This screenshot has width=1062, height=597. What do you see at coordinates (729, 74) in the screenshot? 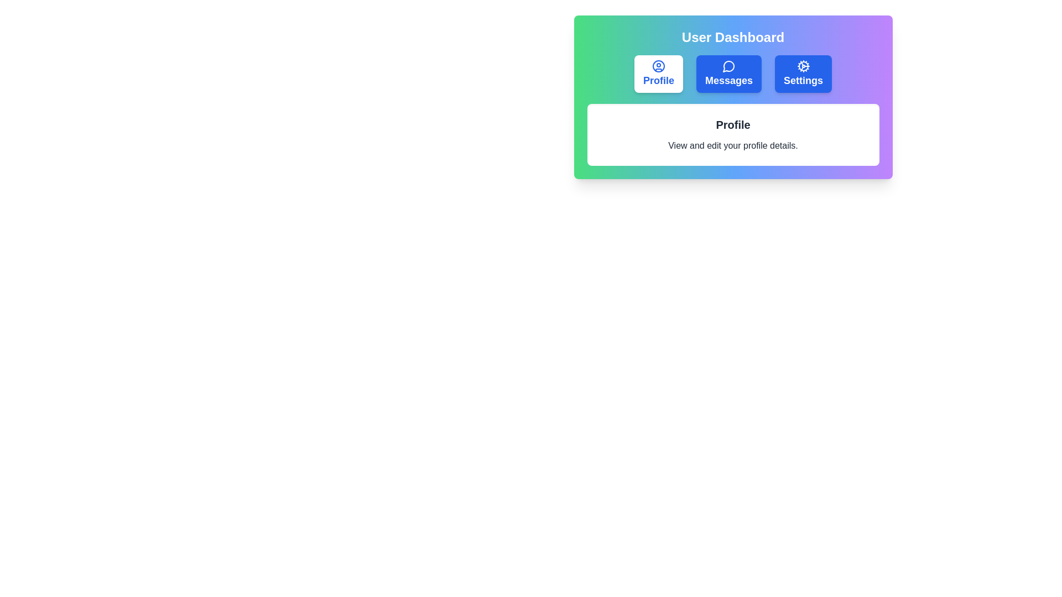
I see `the 'Messages' button, which is a rectangular button with a blue background and white text, located in the User Dashboard section` at bounding box center [729, 74].